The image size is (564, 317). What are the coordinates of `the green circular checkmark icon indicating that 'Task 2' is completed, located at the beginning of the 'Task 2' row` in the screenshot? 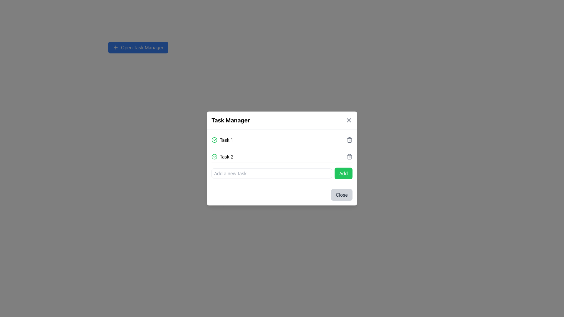 It's located at (214, 156).